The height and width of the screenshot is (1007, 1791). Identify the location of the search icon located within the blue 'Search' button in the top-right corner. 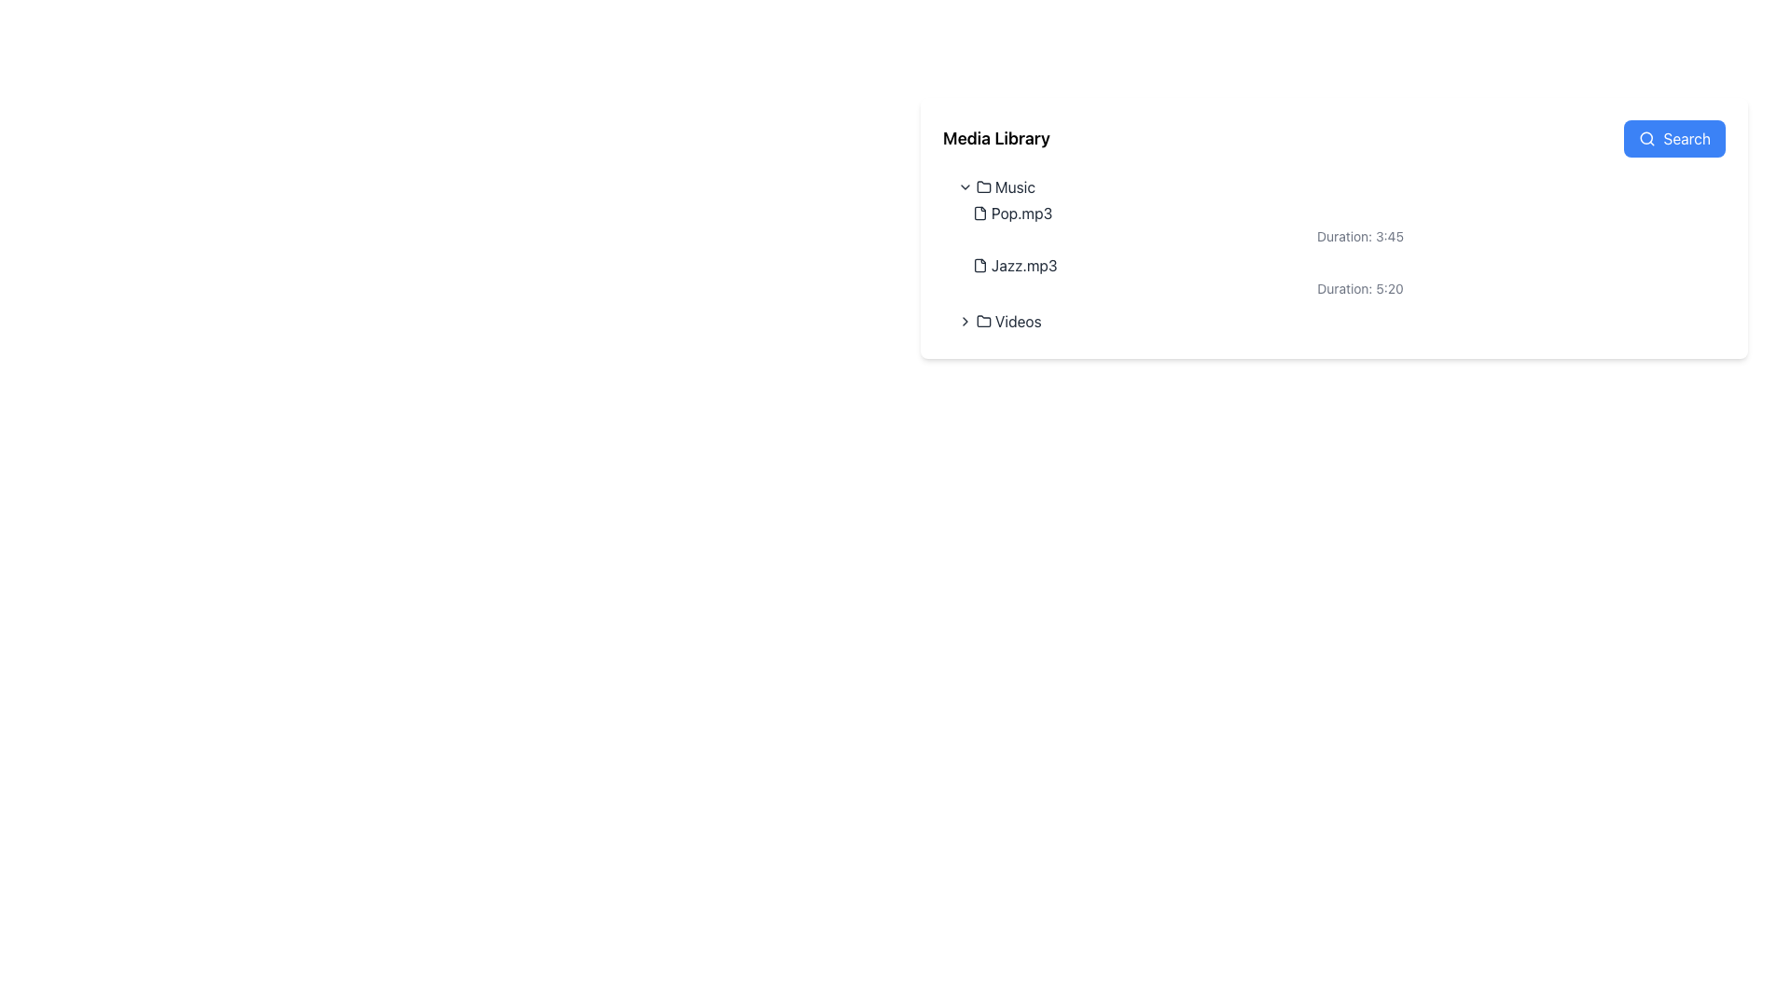
(1647, 138).